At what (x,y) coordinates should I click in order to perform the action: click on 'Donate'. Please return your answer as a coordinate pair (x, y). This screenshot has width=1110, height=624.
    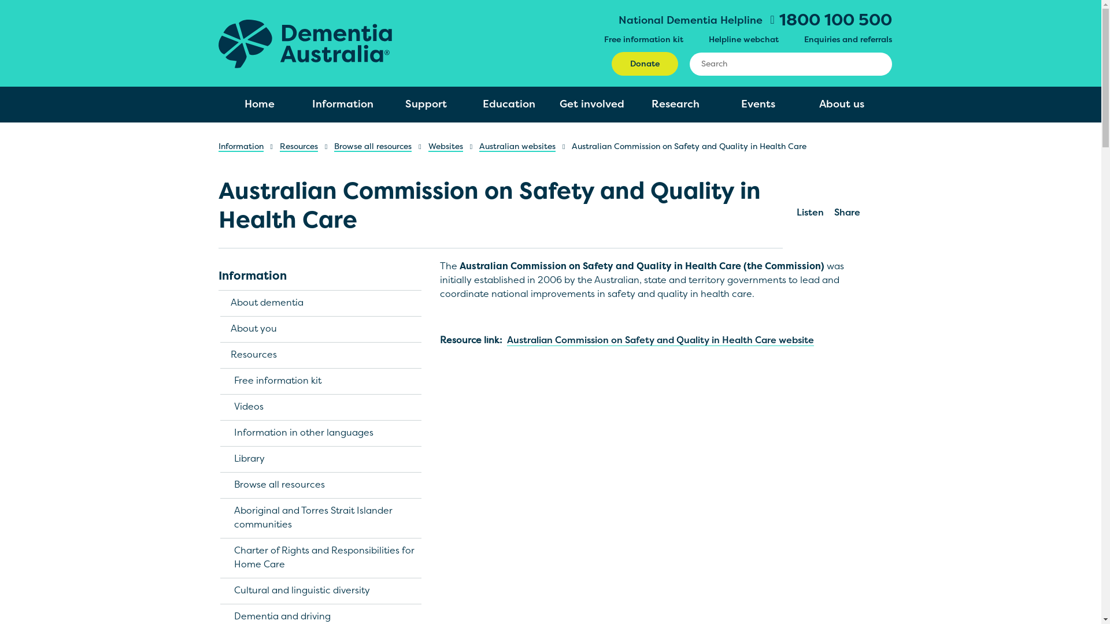
    Looking at the image, I should click on (644, 64).